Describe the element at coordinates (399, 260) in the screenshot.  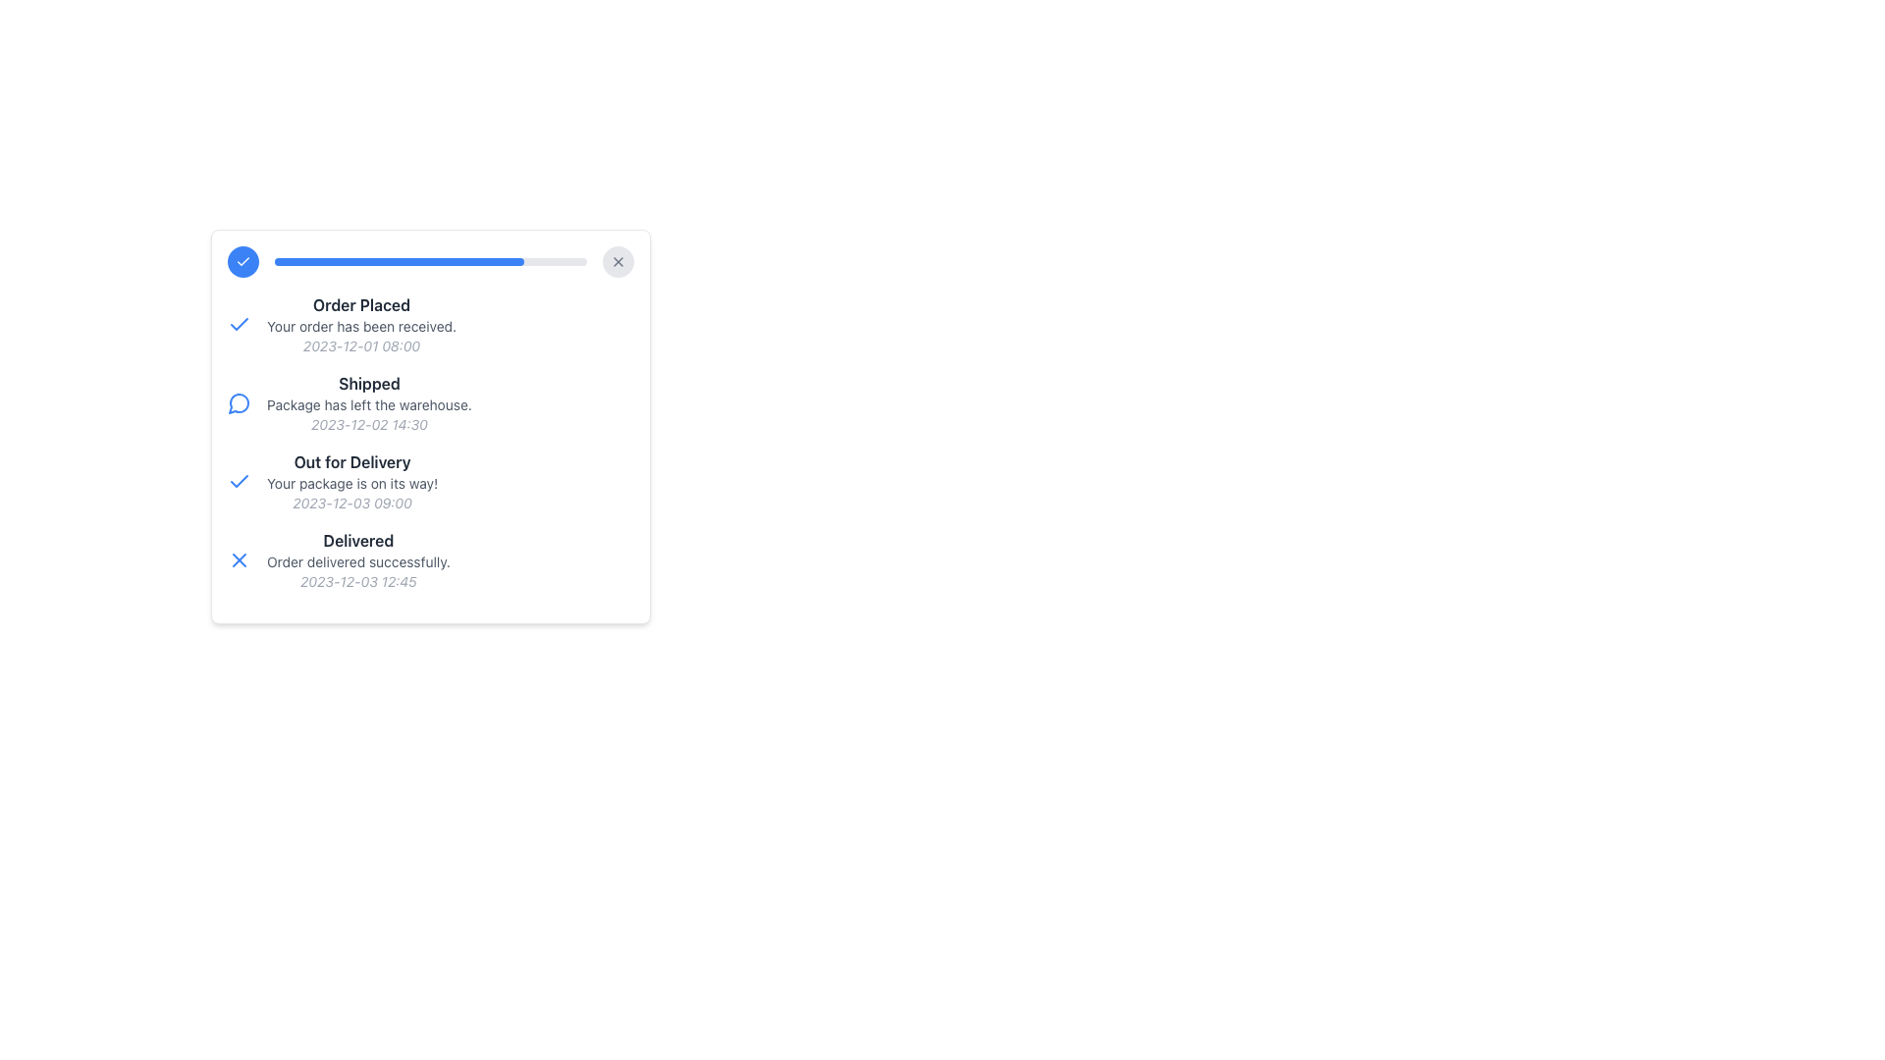
I see `the blue progress bar segment that indicates the completed progress within the larger light-gray progress bar` at that location.